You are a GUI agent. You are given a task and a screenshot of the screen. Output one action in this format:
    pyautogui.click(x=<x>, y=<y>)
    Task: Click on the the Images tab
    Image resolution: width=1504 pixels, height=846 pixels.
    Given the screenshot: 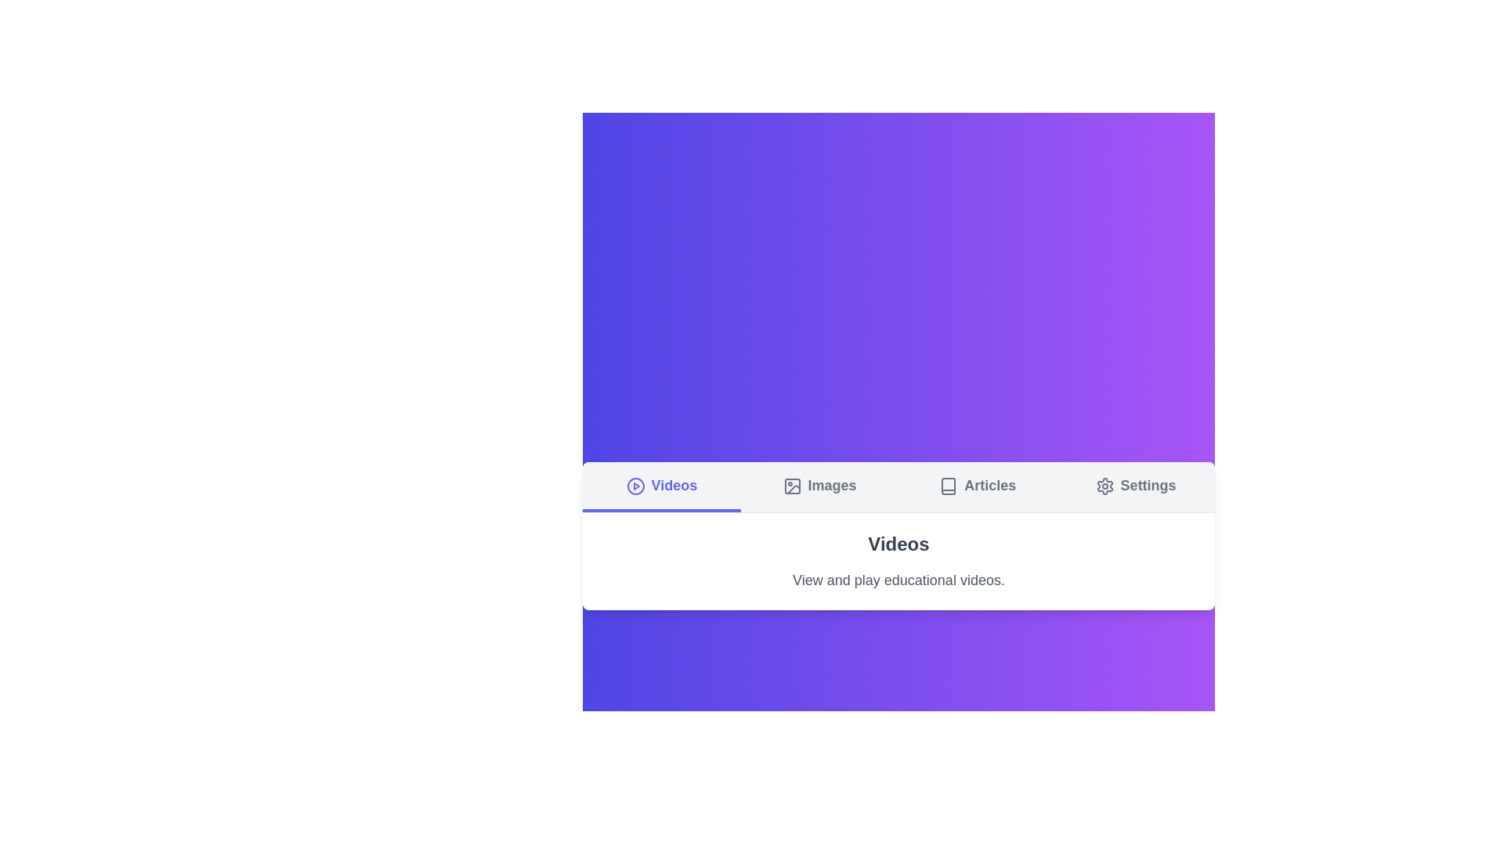 What is the action you would take?
    pyautogui.click(x=819, y=486)
    